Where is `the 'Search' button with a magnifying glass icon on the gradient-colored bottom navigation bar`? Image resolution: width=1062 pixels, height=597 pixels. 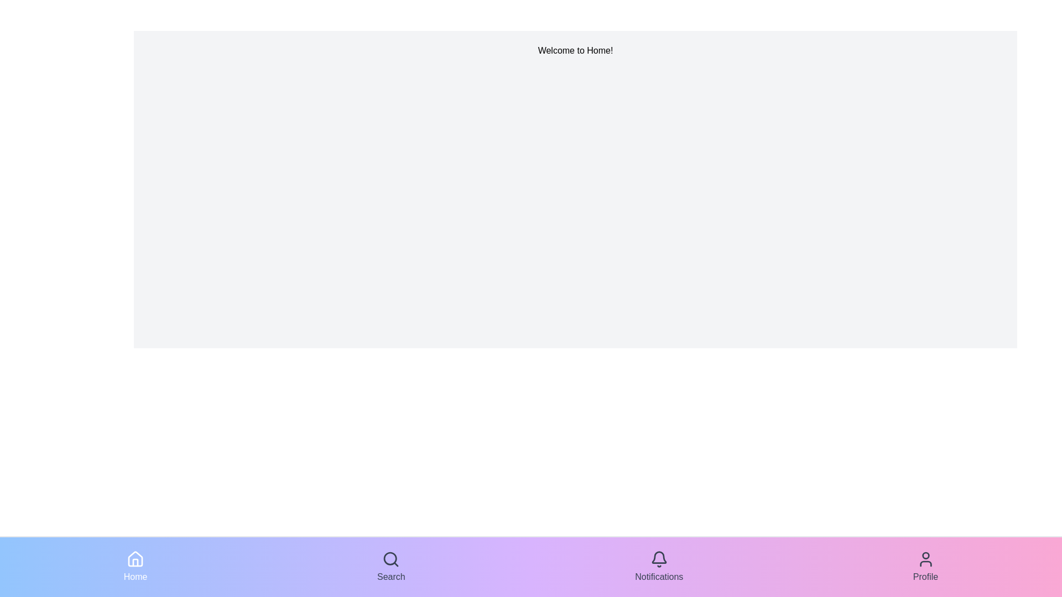 the 'Search' button with a magnifying glass icon on the gradient-colored bottom navigation bar is located at coordinates (391, 567).